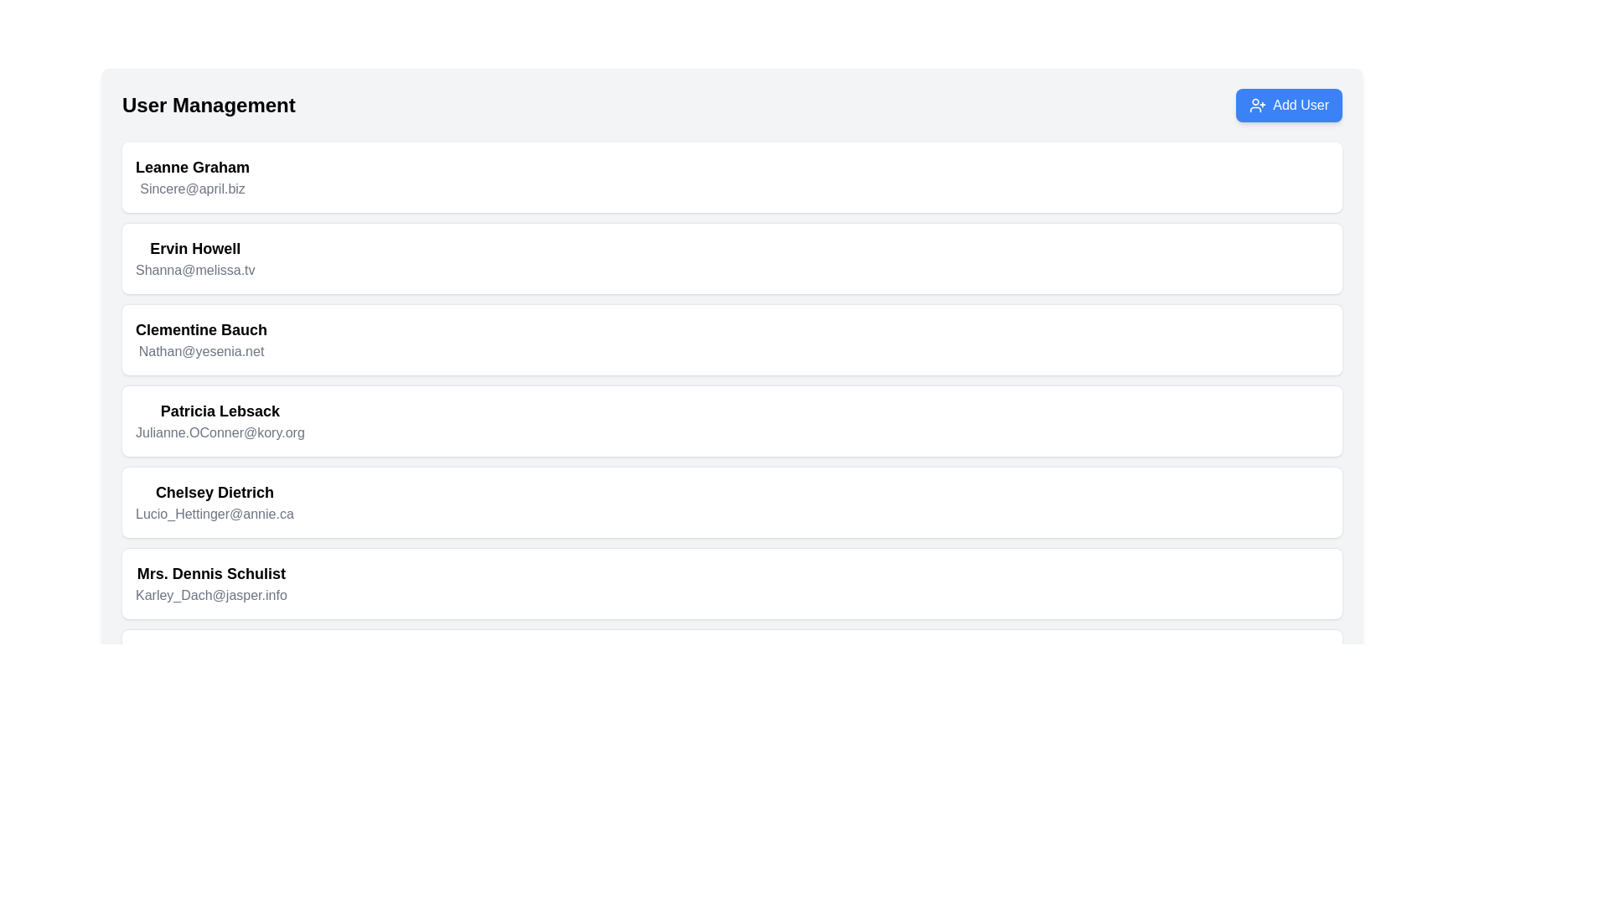 The height and width of the screenshot is (905, 1609). Describe the element at coordinates (219, 432) in the screenshot. I see `the email text display 'Julianne.OConner@kory.org' which is styled with a gray color and located below 'Patricia Lebsack' in the user management section` at that location.